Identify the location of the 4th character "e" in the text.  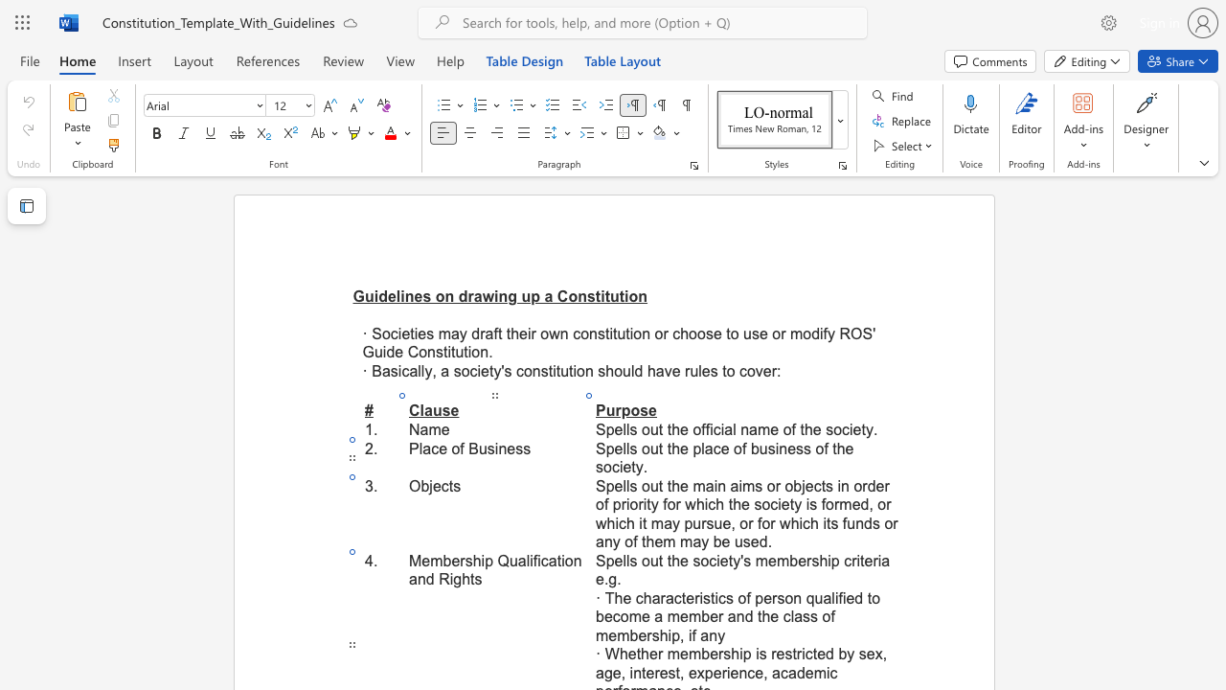
(772, 561).